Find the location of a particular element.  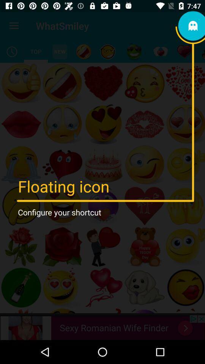

heart icon is located at coordinates (184, 51).